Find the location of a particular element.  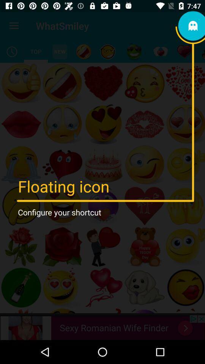

heart icon is located at coordinates (184, 51).